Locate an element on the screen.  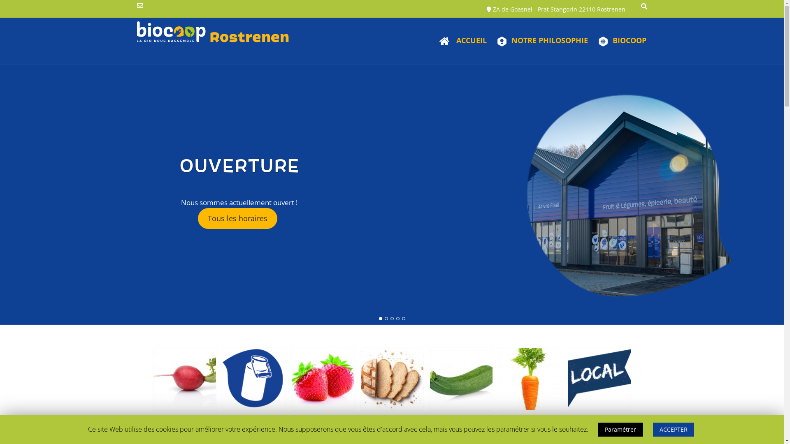
'3' is located at coordinates (392, 317).